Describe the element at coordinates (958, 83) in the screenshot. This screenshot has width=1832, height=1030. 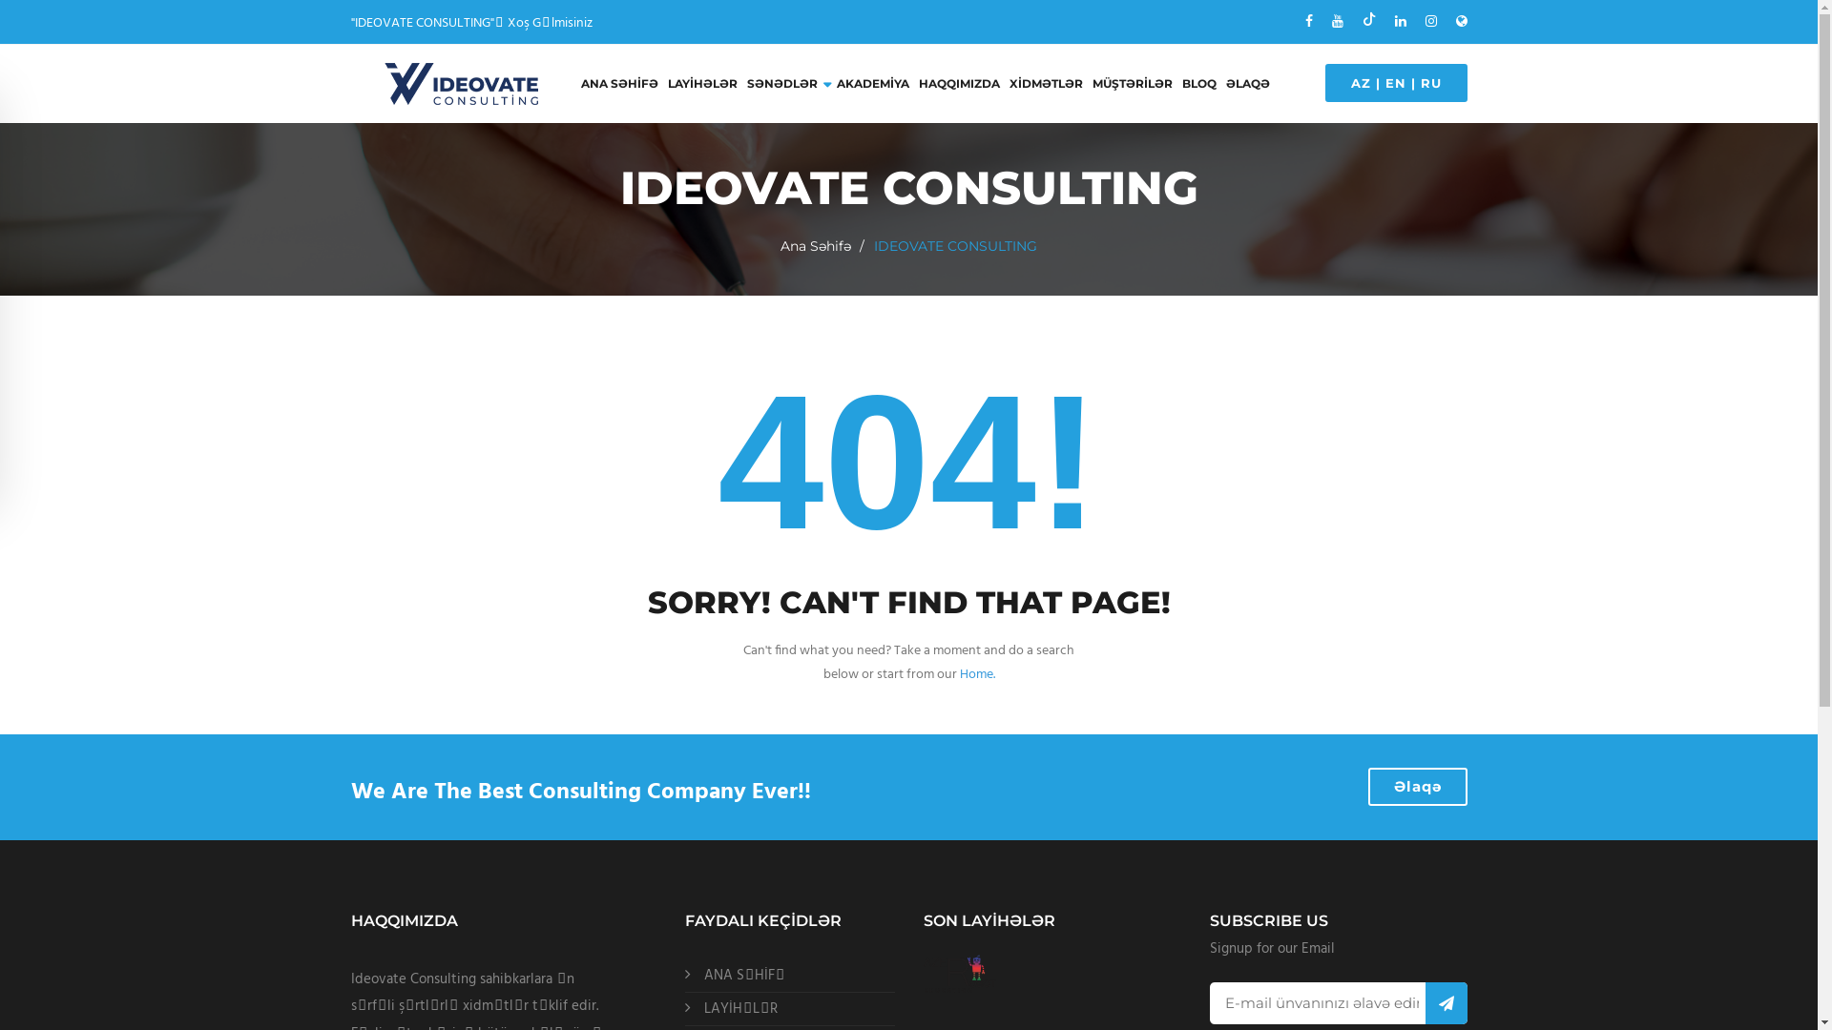
I see `'HAQQIMIZDA'` at that location.